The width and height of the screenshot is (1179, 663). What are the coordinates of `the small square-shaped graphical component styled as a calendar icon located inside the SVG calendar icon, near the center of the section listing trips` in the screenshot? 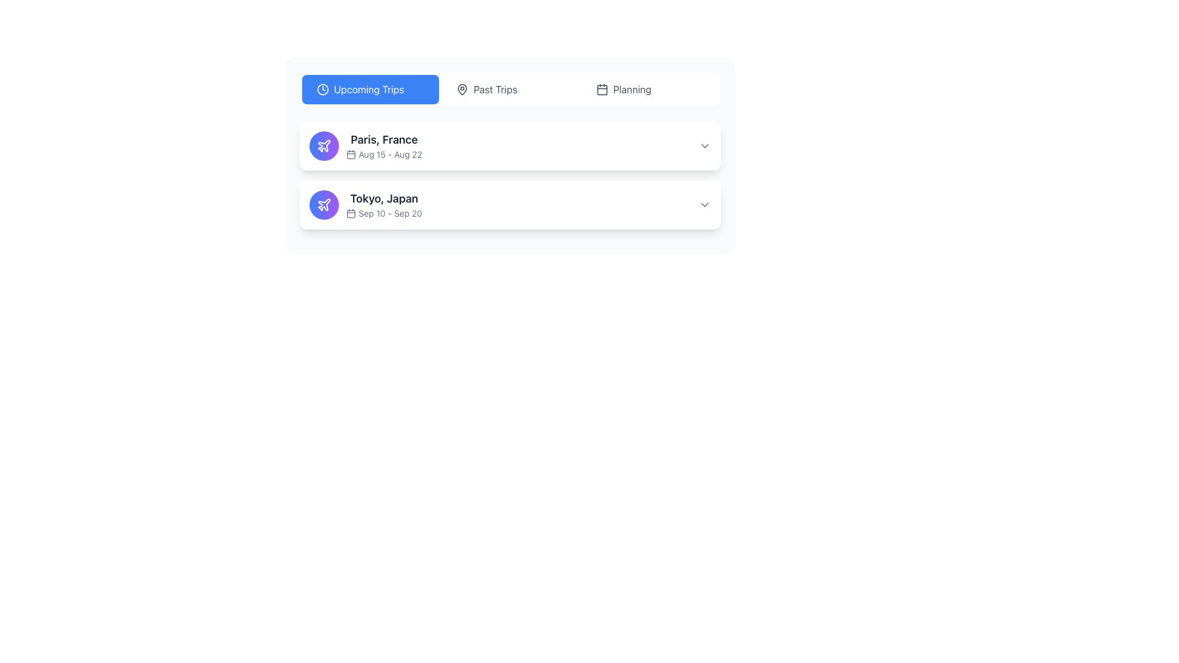 It's located at (350, 153).